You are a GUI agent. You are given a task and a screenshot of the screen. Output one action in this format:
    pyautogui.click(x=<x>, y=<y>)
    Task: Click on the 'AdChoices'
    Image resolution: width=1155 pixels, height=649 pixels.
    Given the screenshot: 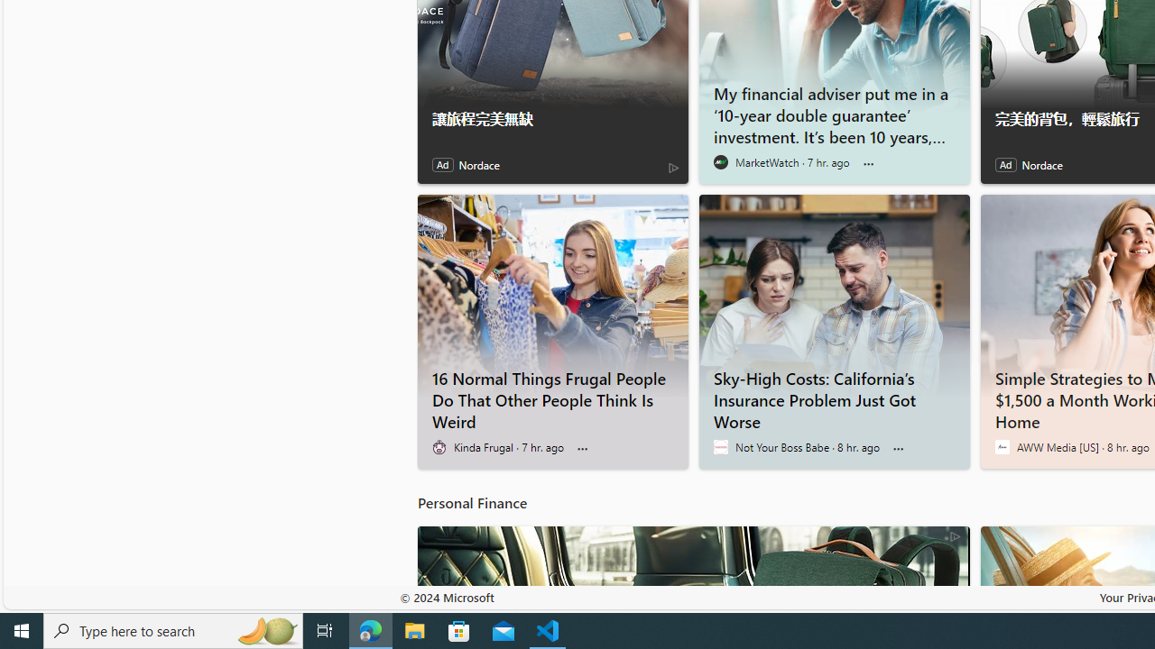 What is the action you would take?
    pyautogui.click(x=954, y=535)
    